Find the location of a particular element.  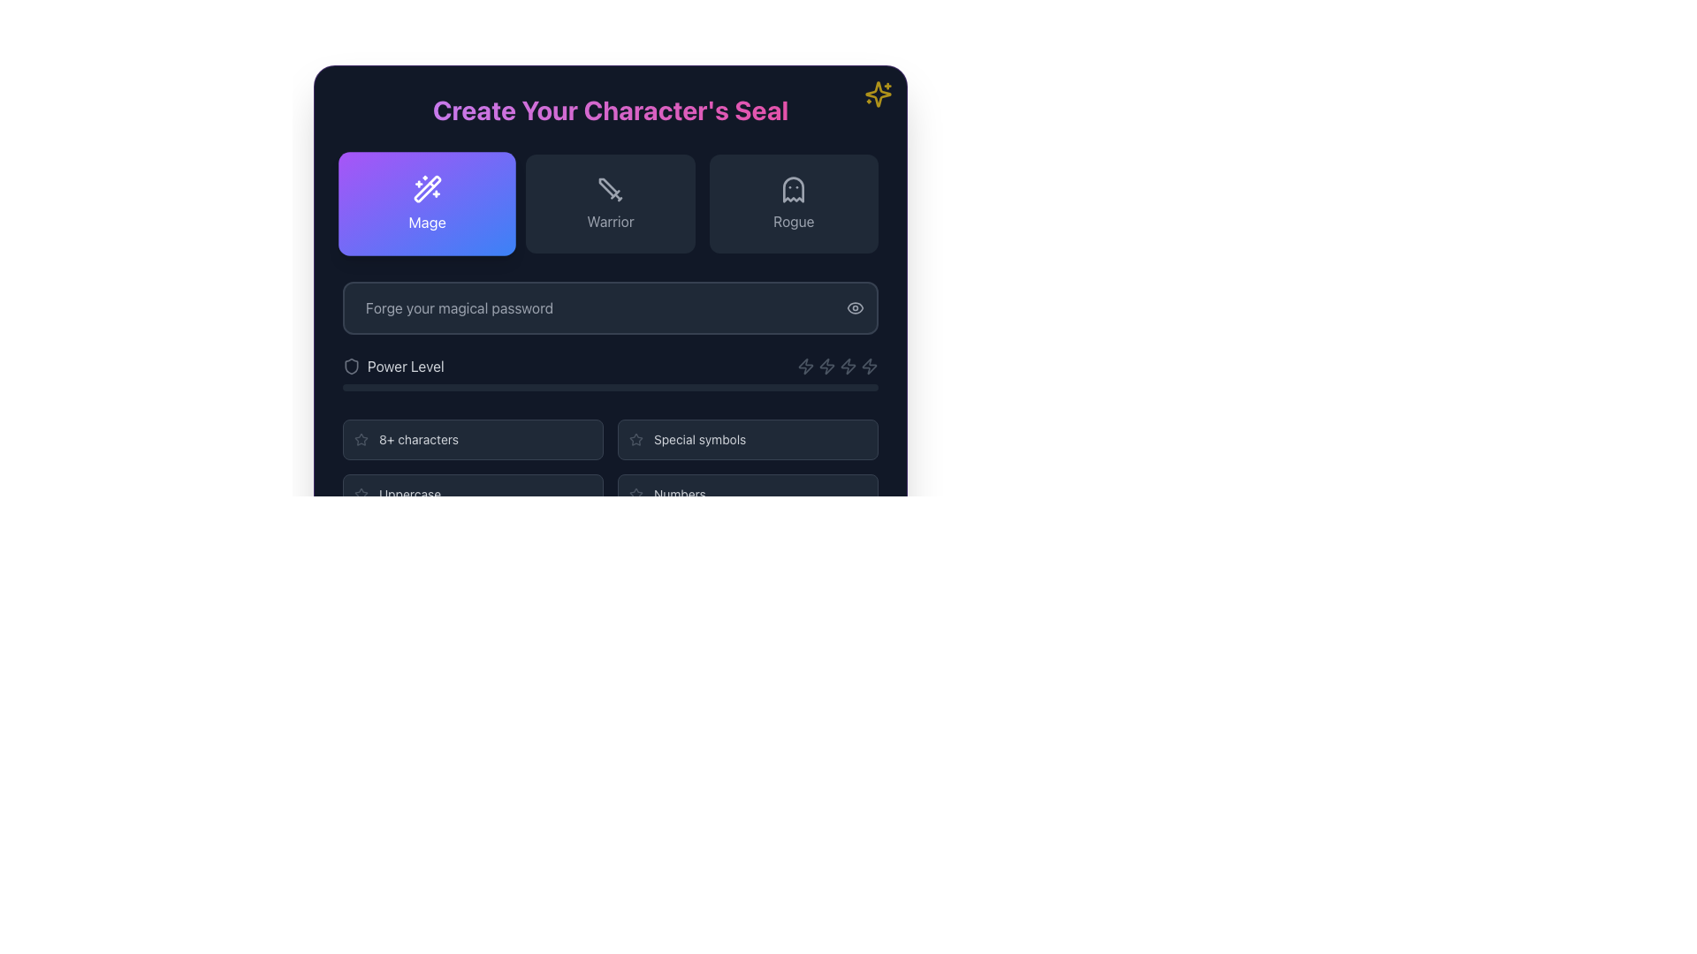

decorative icon associated with the text 'Special symbols' located on the left-hand side within a dark gray rectangle is located at coordinates (636, 438).